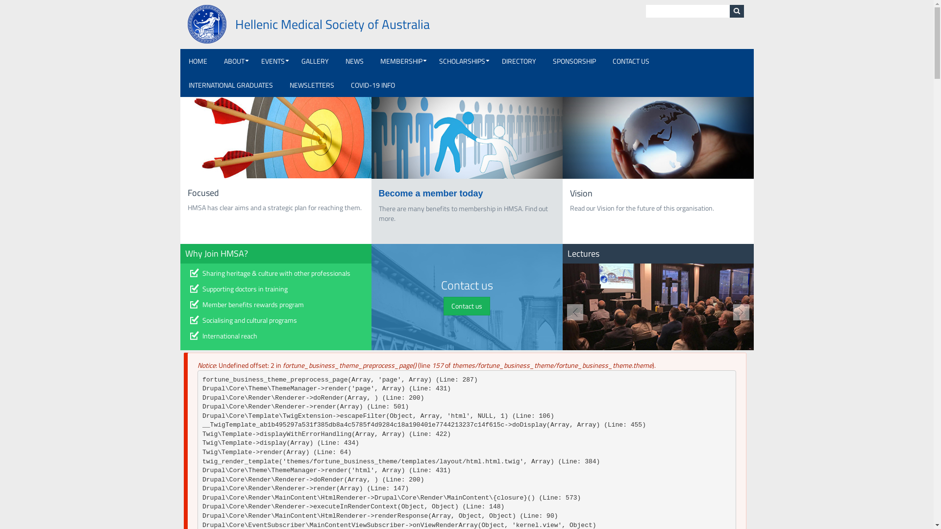  What do you see at coordinates (281, 84) in the screenshot?
I see `'NEWSLETTERS'` at bounding box center [281, 84].